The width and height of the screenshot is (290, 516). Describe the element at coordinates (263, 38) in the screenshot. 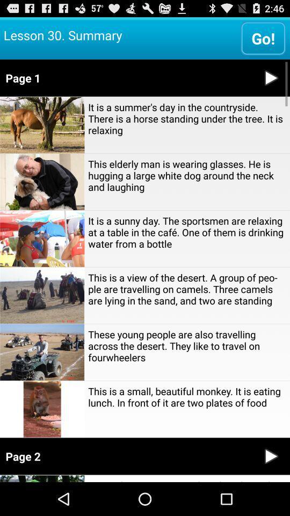

I see `go! button` at that location.